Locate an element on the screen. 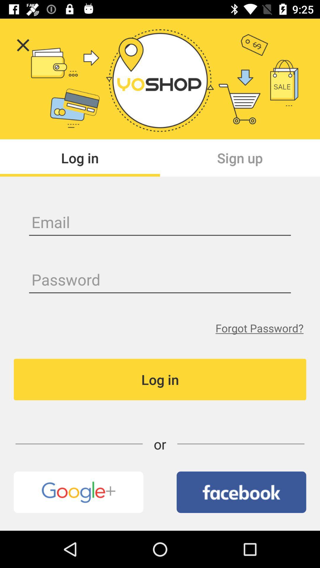  email address is located at coordinates (160, 223).